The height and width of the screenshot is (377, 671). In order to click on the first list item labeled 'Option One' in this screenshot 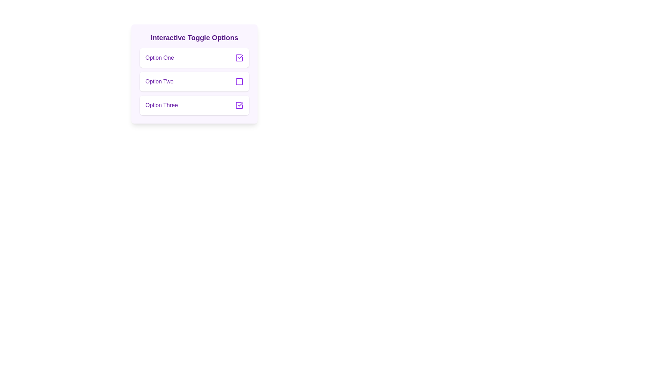, I will do `click(194, 57)`.